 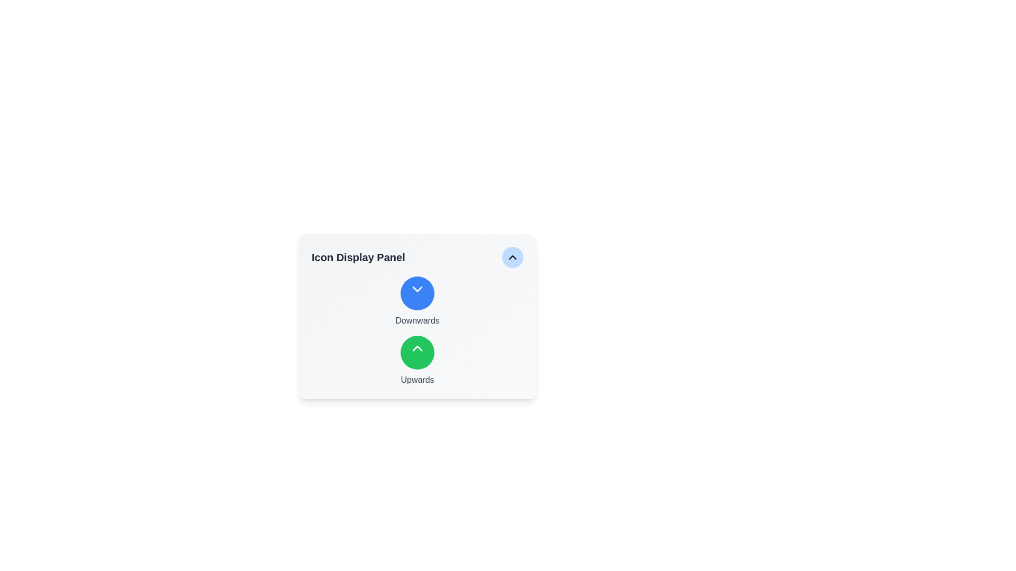 What do you see at coordinates (416, 331) in the screenshot?
I see `the 'Upwards' circular button, which is green and located in the 'Icon Display Panel' beneath the title, centered horizontally` at bounding box center [416, 331].